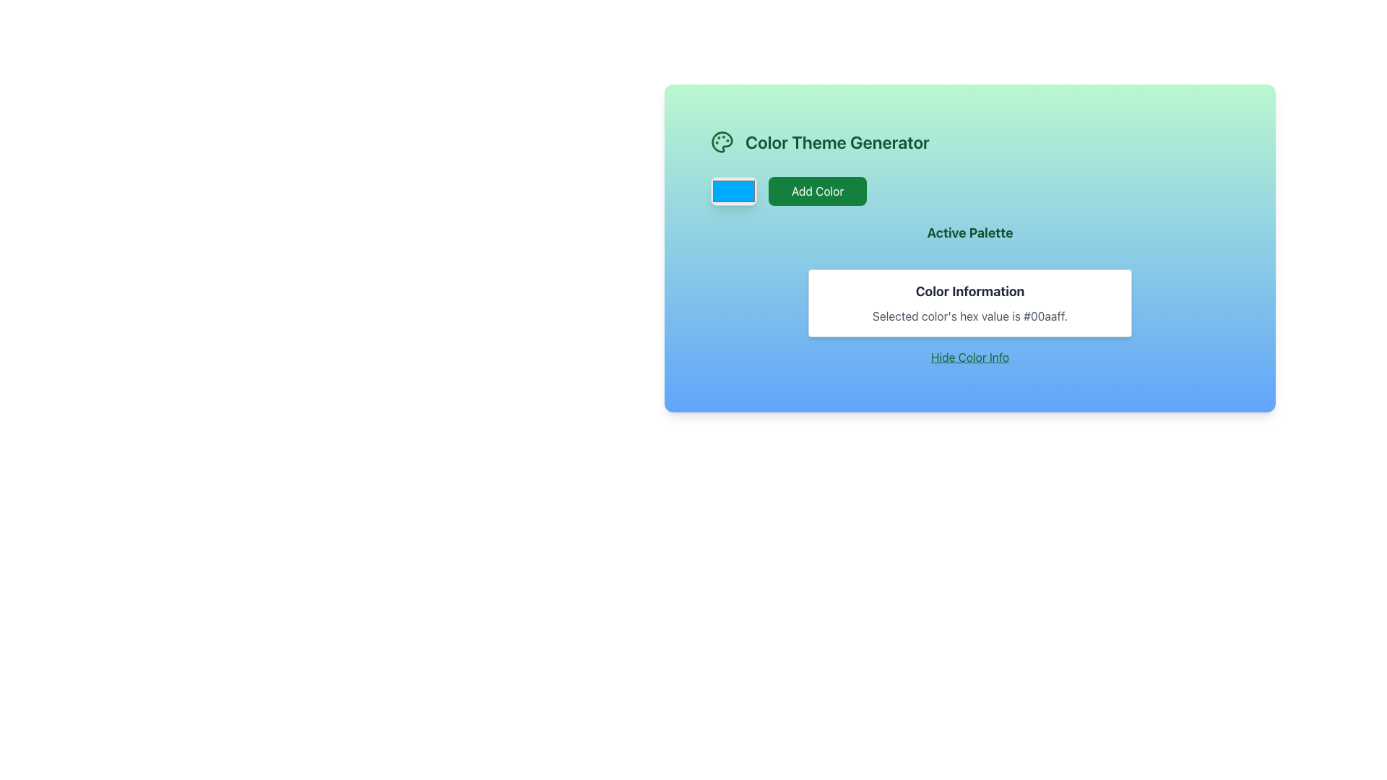  I want to click on the non-interactive text label indicating the context related to active color palettes, positioned below the 'Add Color' button and above the 'Color Information' section, so click(970, 236).